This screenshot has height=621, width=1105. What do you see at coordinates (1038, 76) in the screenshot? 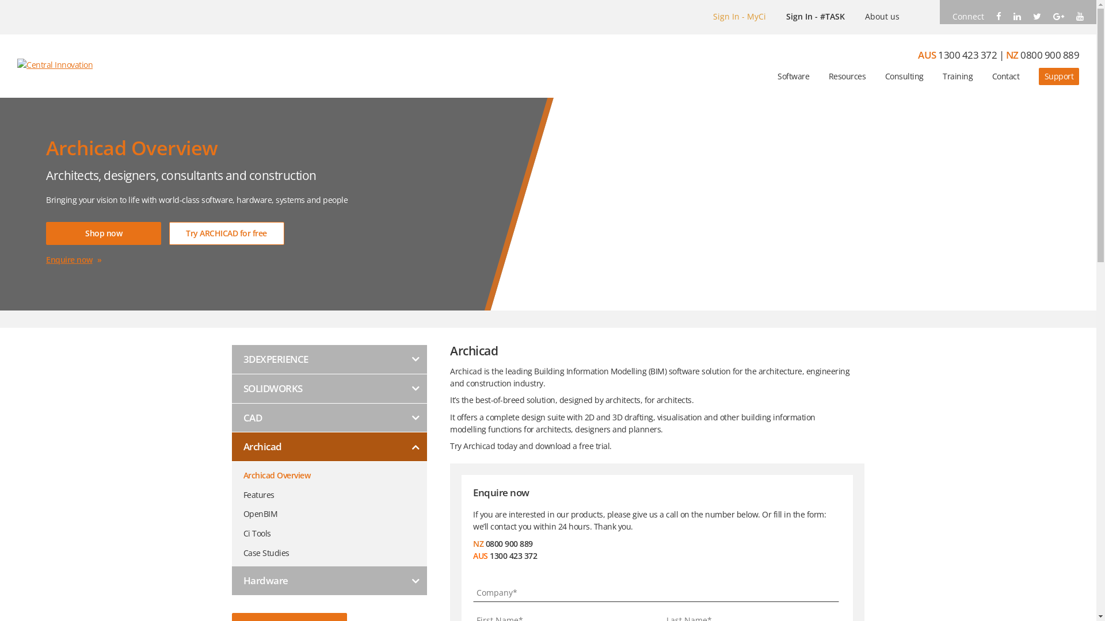
I see `'Support'` at bounding box center [1038, 76].